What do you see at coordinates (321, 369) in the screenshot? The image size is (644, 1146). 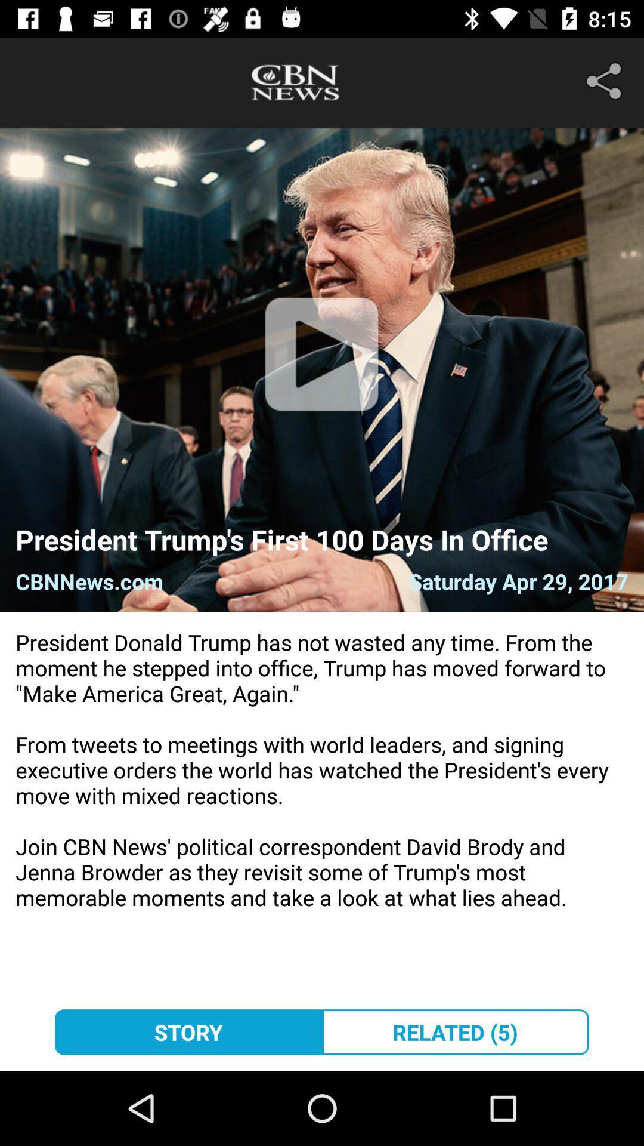 I see `button` at bounding box center [321, 369].